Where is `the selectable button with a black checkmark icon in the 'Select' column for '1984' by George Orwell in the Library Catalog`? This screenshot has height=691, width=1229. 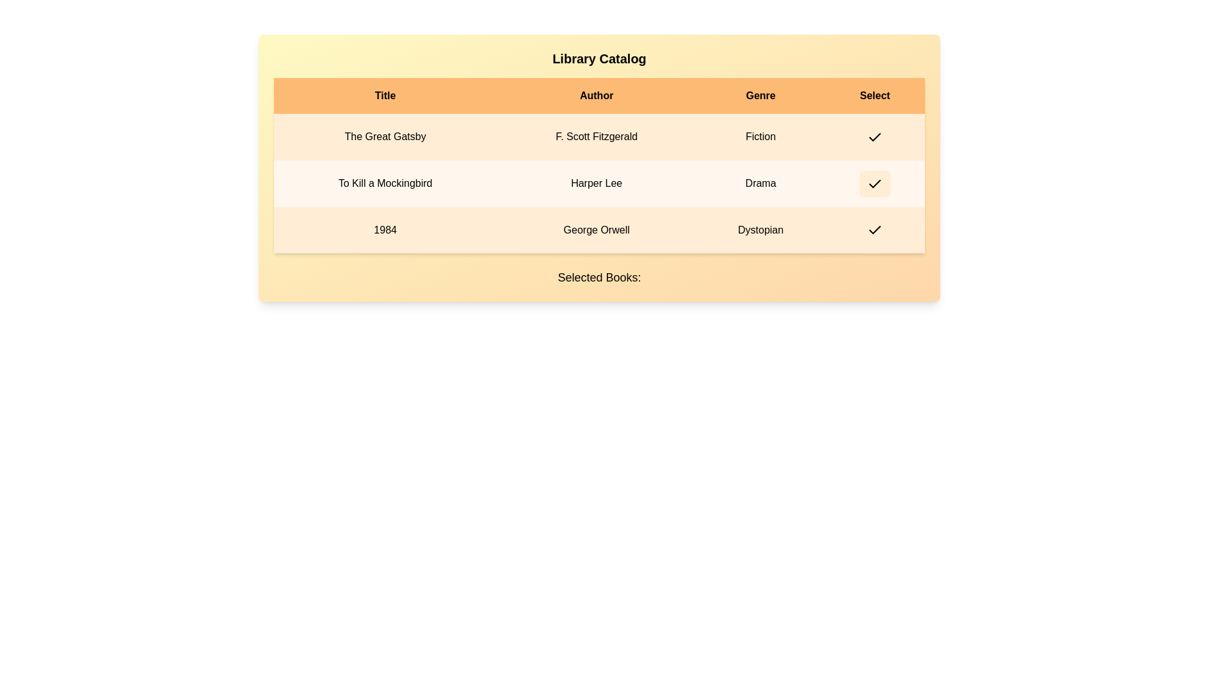 the selectable button with a black checkmark icon in the 'Select' column for '1984' by George Orwell in the Library Catalog is located at coordinates (874, 229).